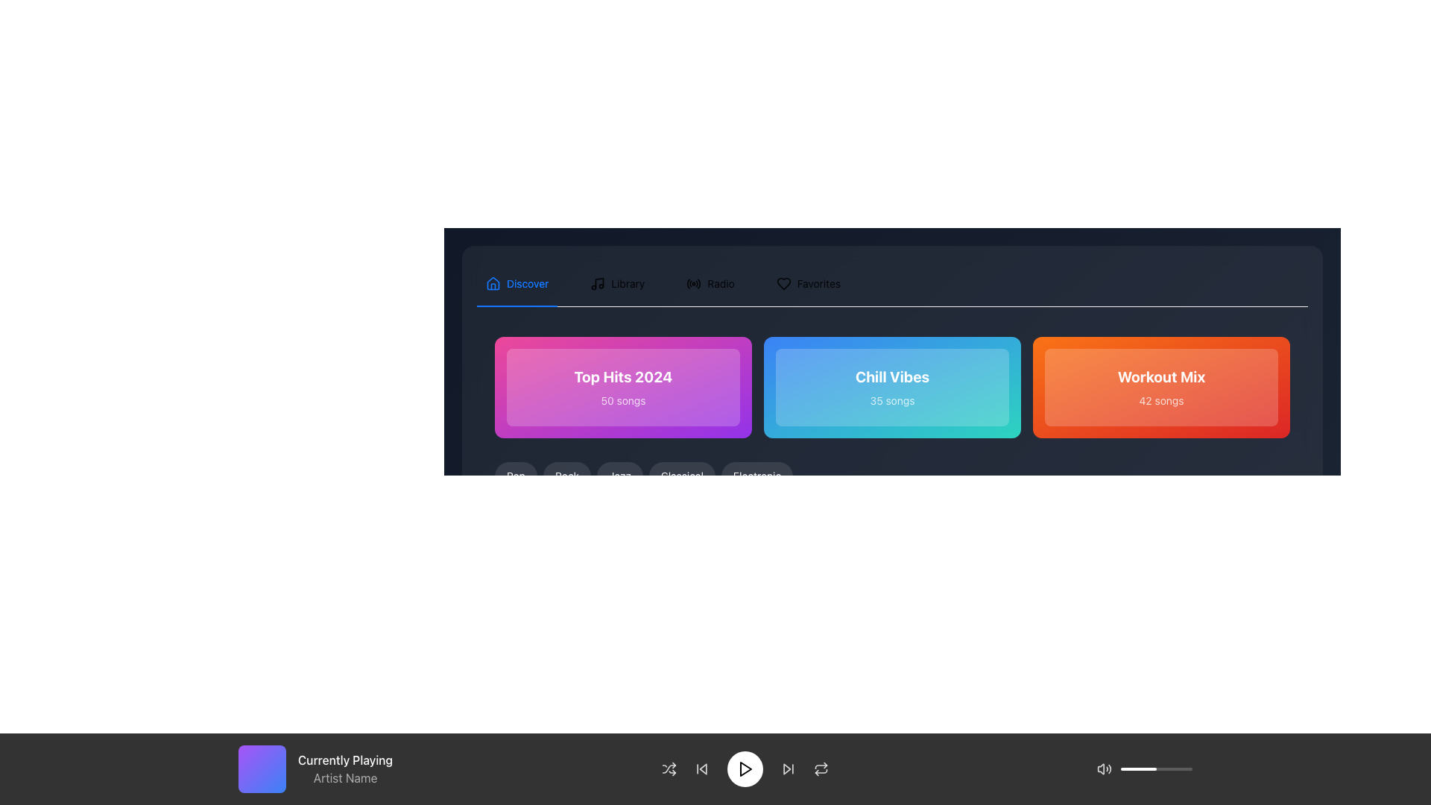 This screenshot has width=1431, height=805. I want to click on the sound control button located in the bottom-right corner of the interface to interact with it, so click(1105, 769).